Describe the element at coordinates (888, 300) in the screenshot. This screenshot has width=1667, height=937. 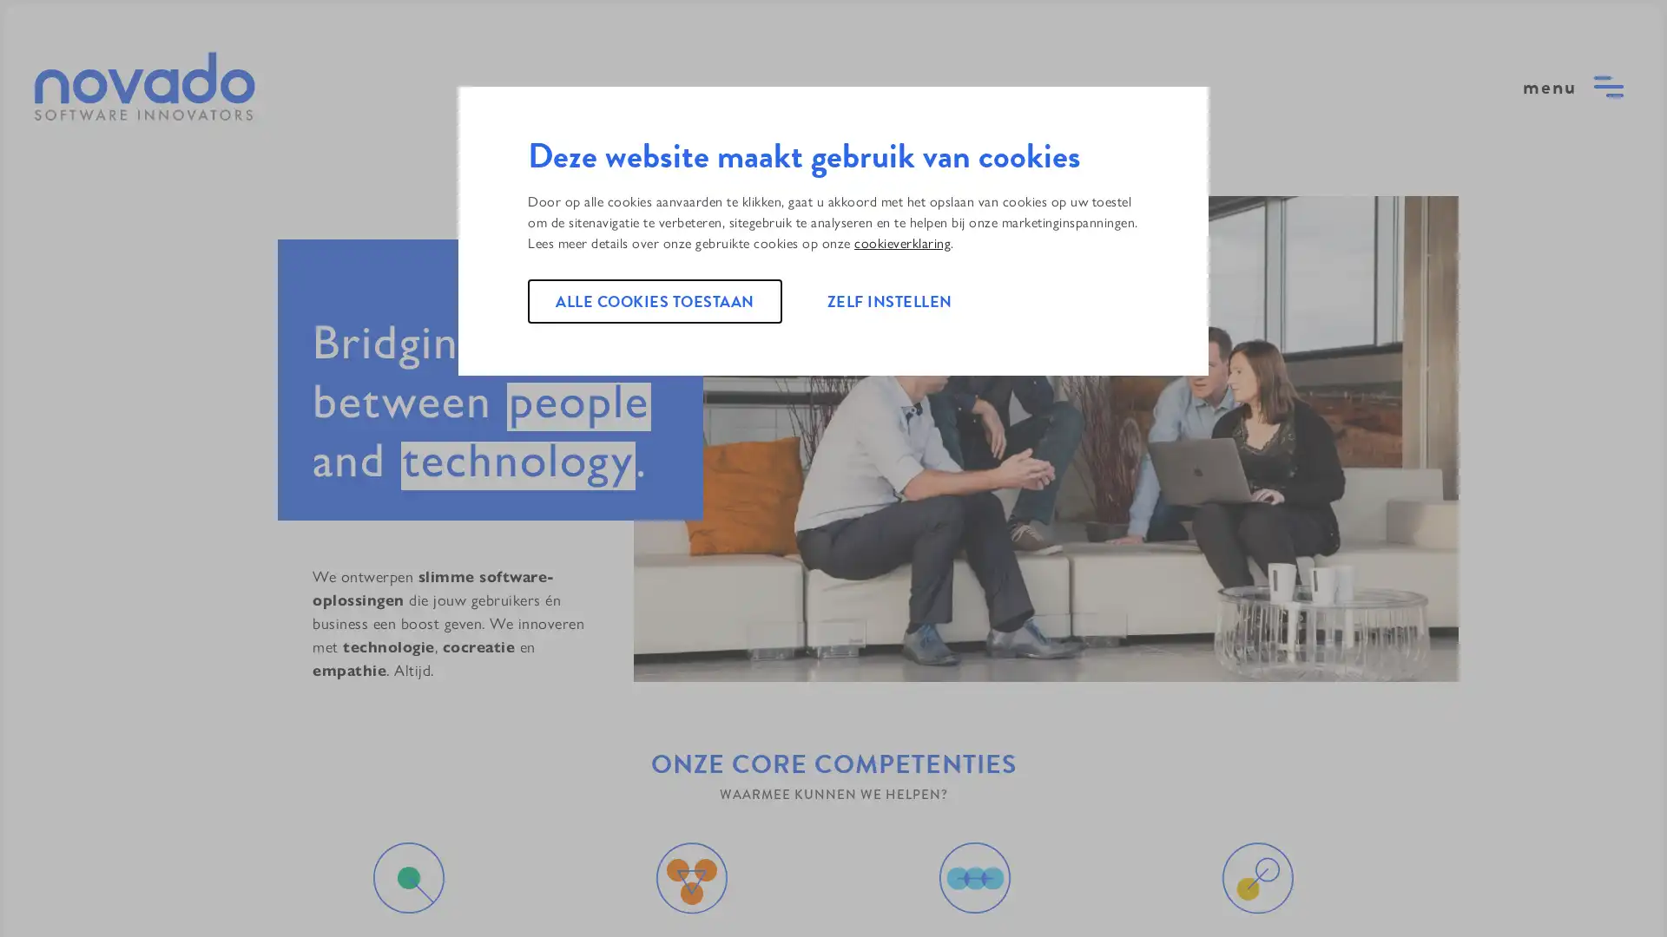
I see `ZELF INSTELLEN` at that location.